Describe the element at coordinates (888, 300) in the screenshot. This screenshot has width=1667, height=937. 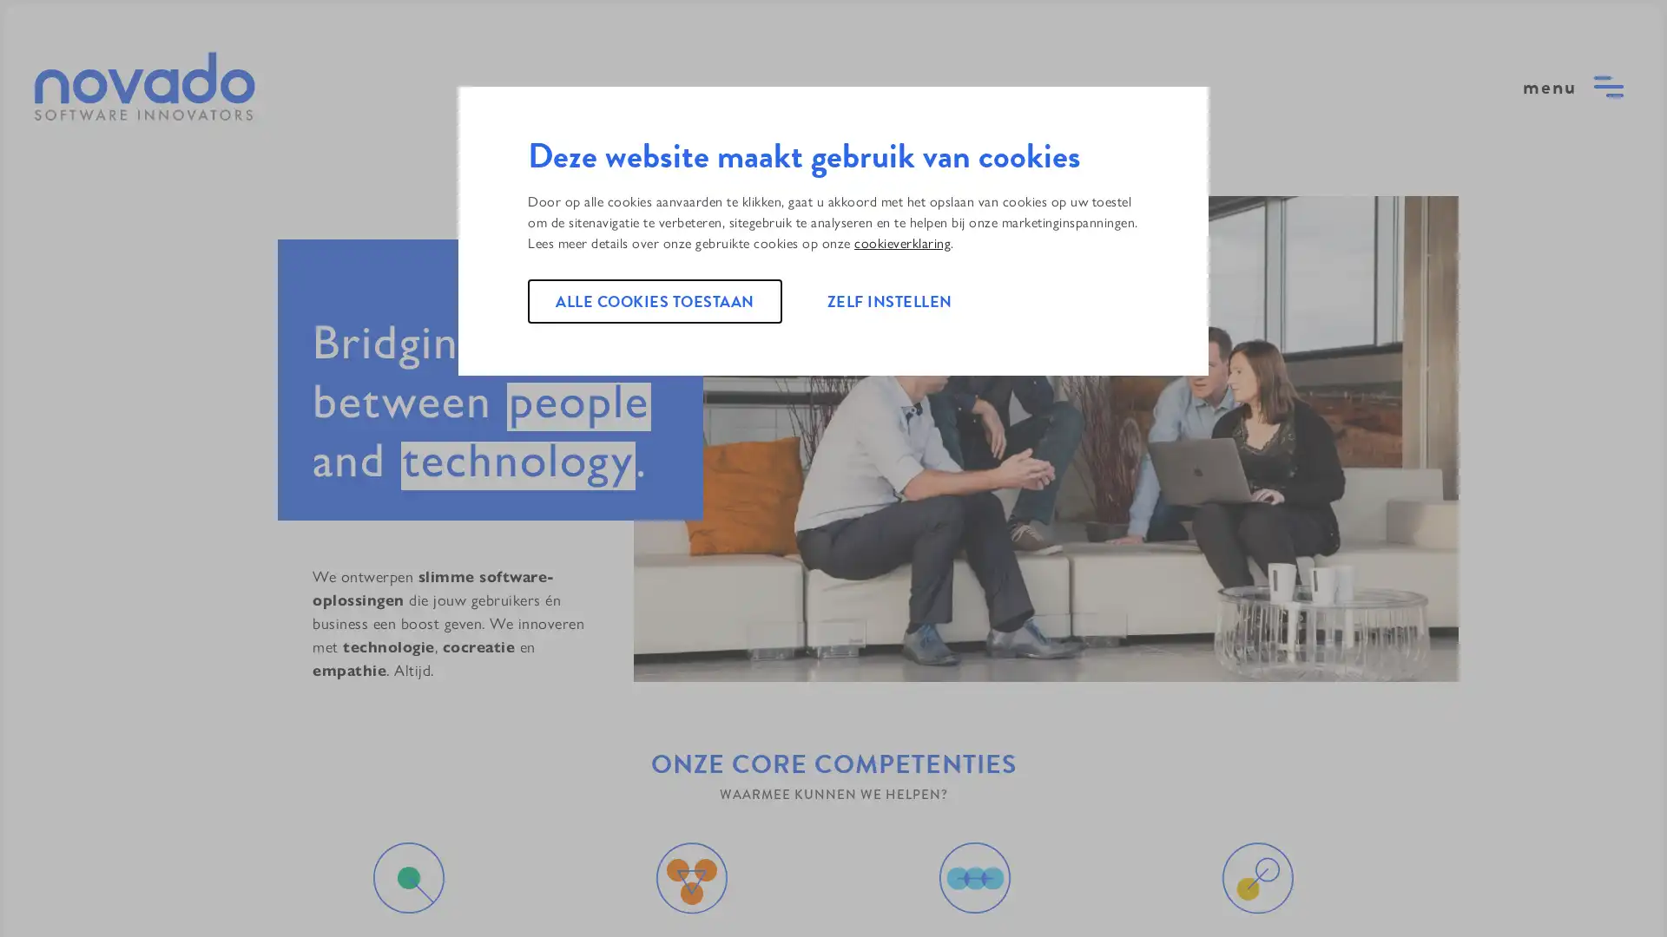
I see `ZELF INSTELLEN` at that location.